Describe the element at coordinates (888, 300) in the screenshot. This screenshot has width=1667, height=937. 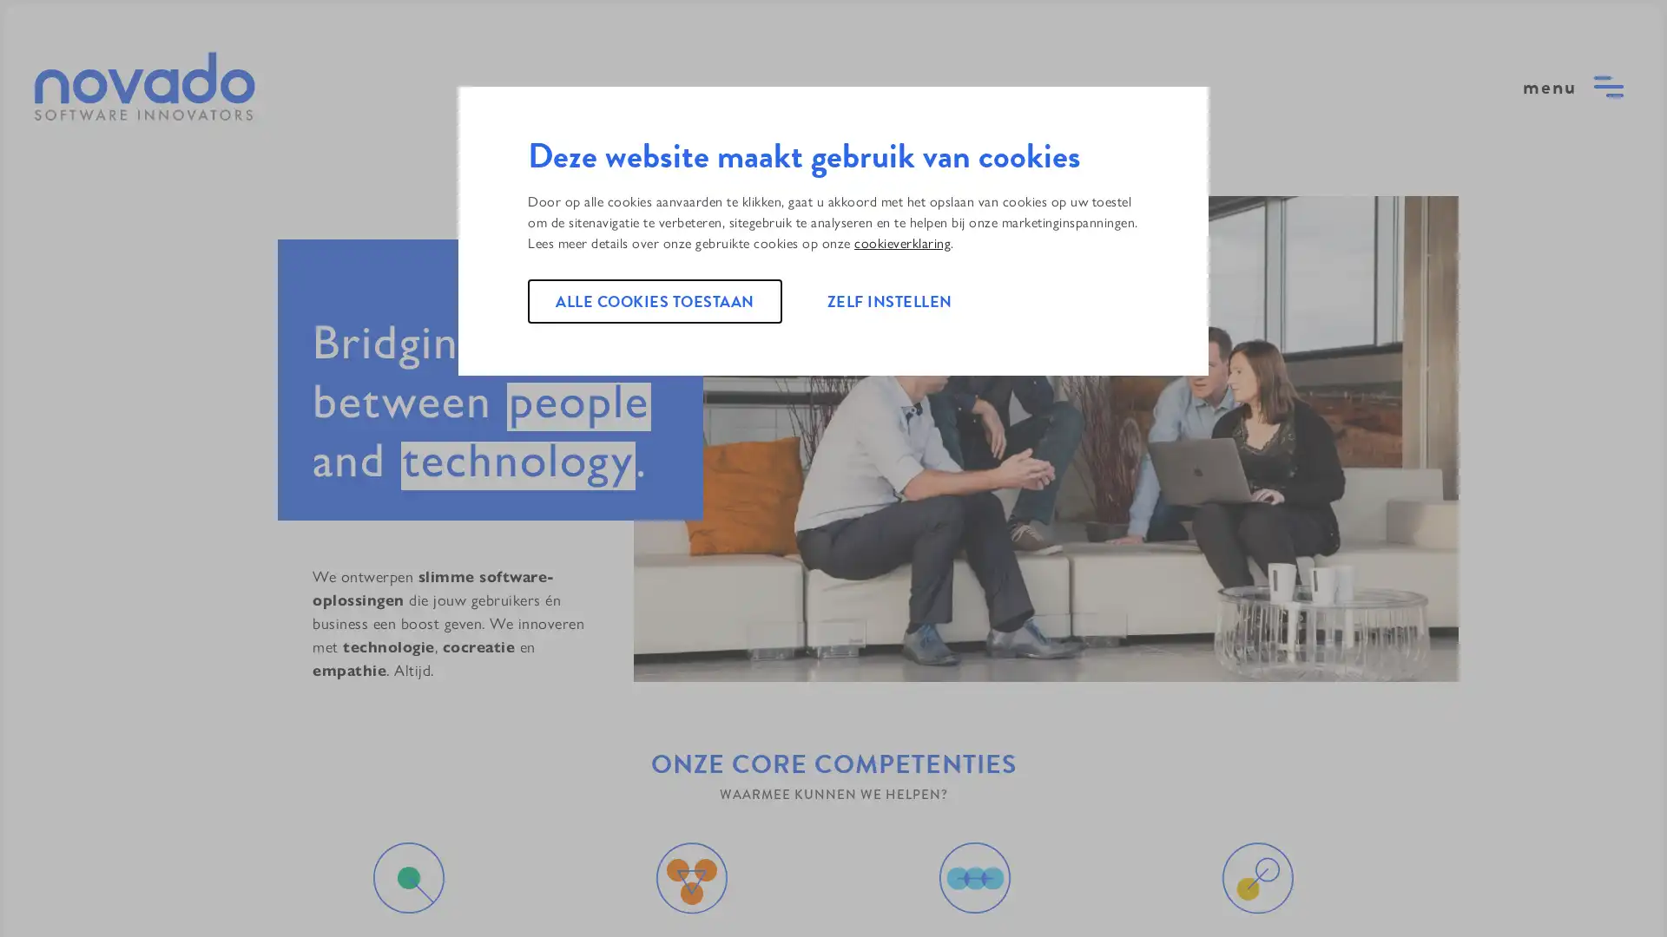
I see `ZELF INSTELLEN` at that location.